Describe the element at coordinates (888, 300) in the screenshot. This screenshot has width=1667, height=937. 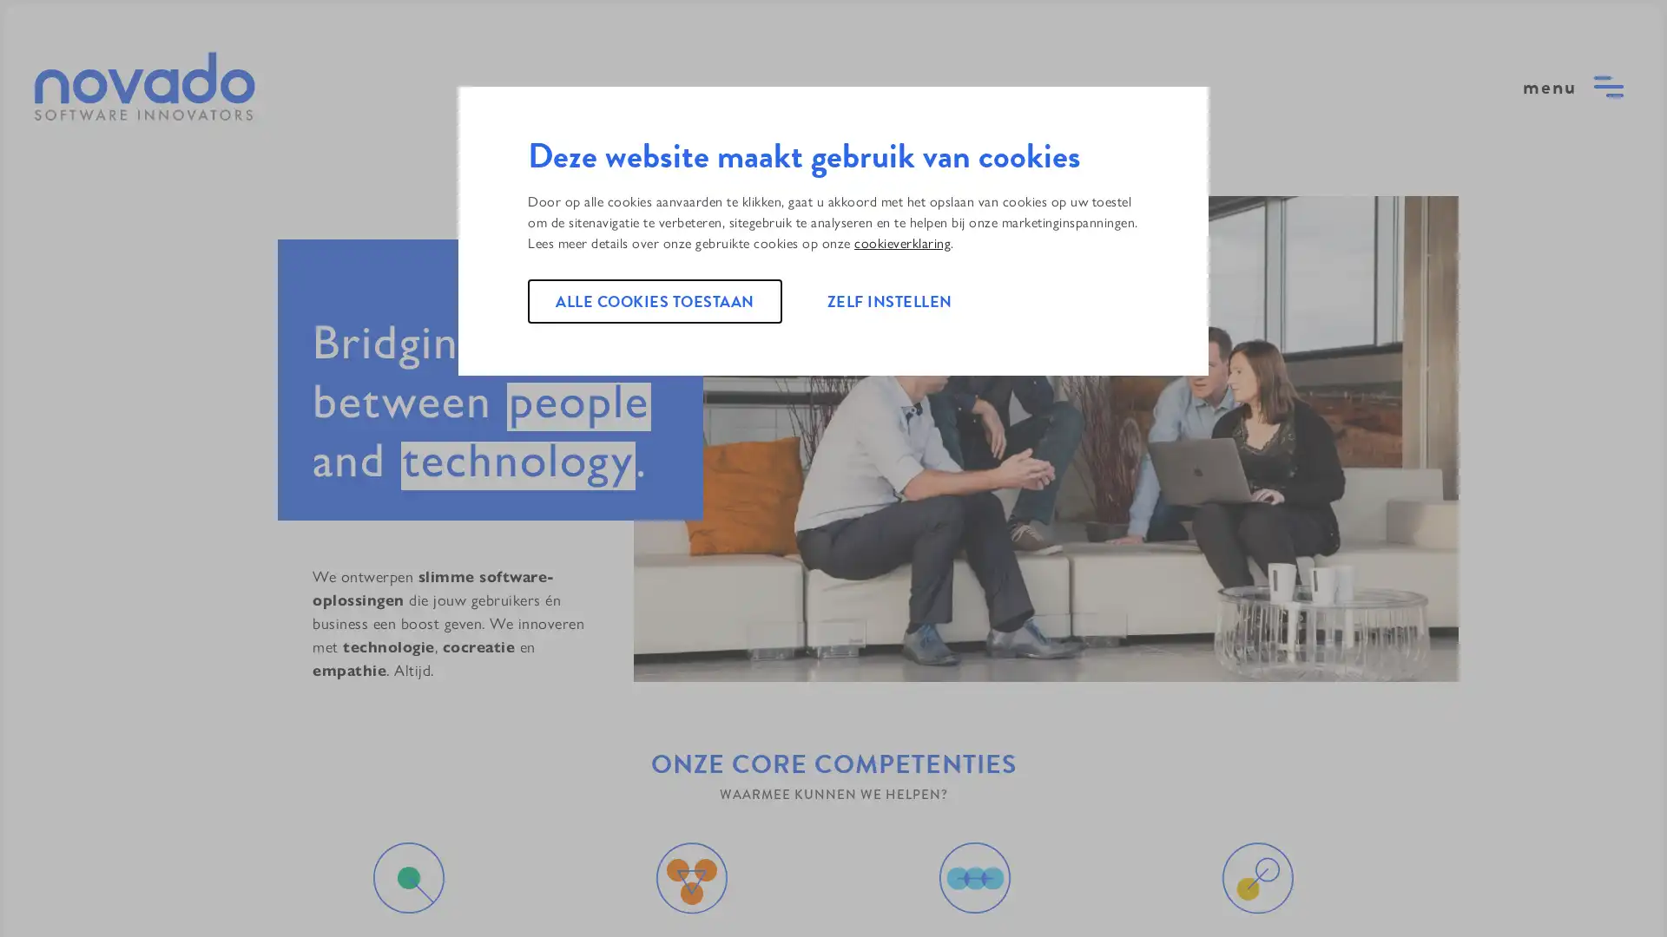
I see `ZELF INSTELLEN` at that location.